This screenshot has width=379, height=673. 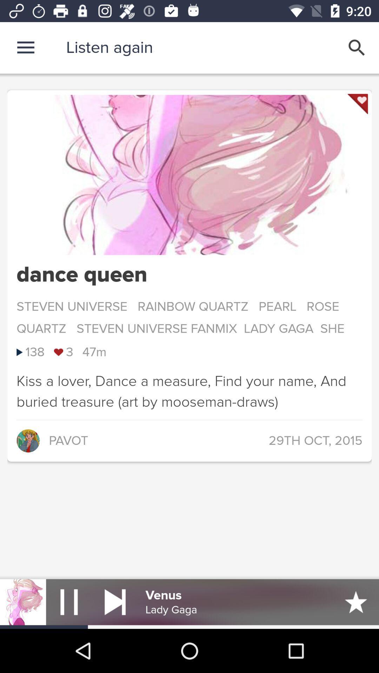 What do you see at coordinates (115, 601) in the screenshot?
I see `the skip_next icon` at bounding box center [115, 601].